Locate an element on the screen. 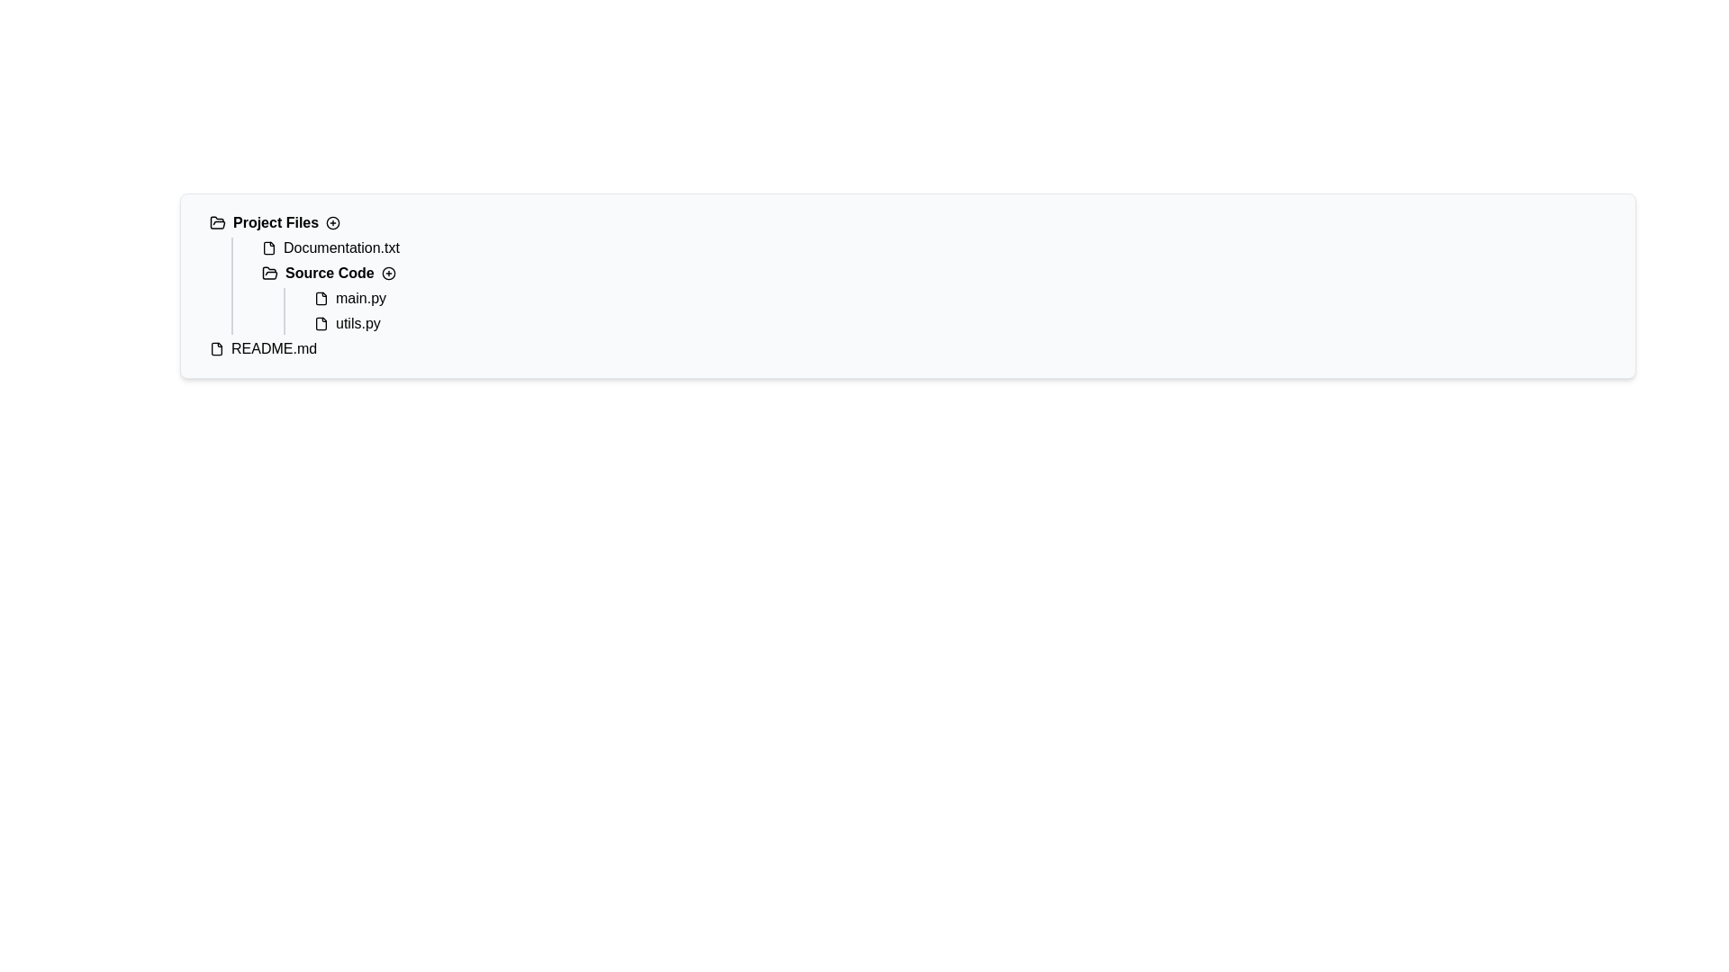 This screenshot has height=972, width=1729. the text label displaying 'main.py', which is the first file item under the 'Source Code' section is located at coordinates (360, 297).